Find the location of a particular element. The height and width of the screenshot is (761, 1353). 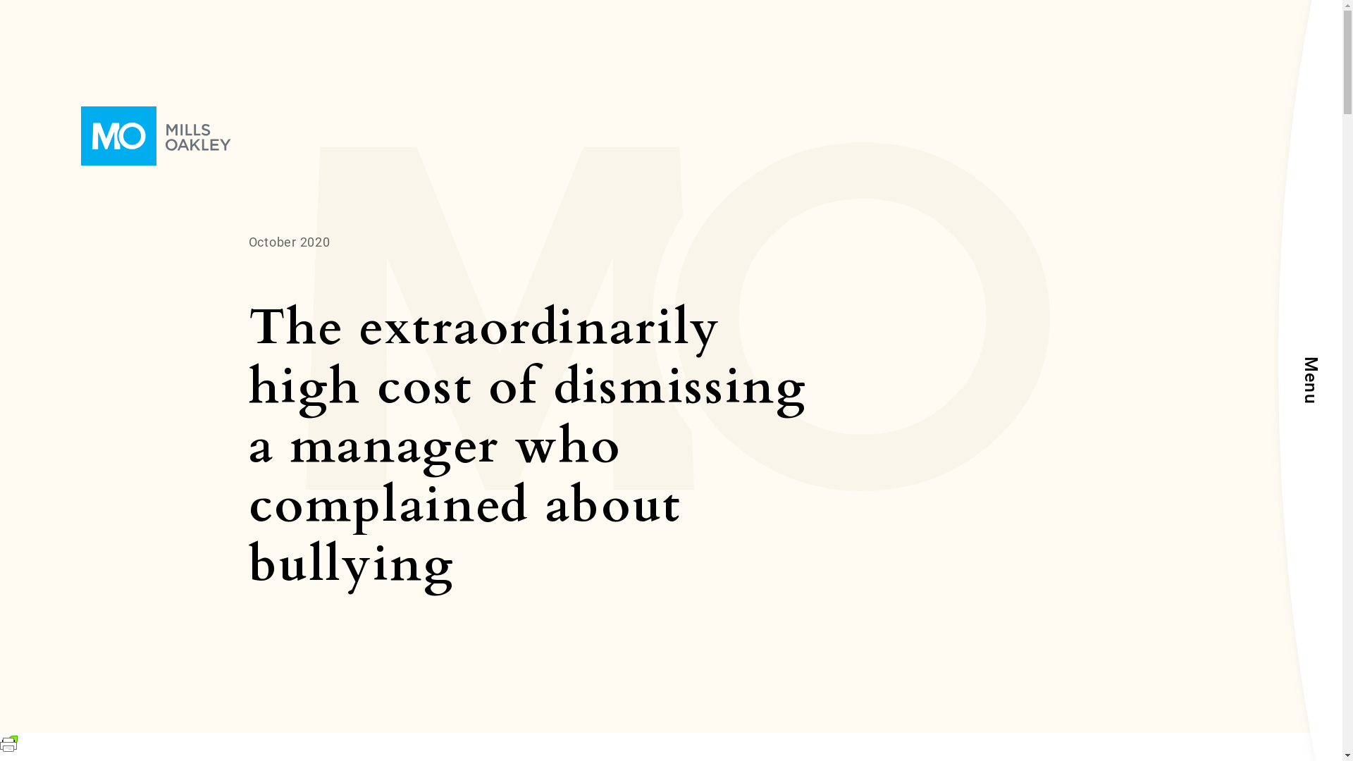

'Printer Friendly, PDF & Email' is located at coordinates (8, 746).